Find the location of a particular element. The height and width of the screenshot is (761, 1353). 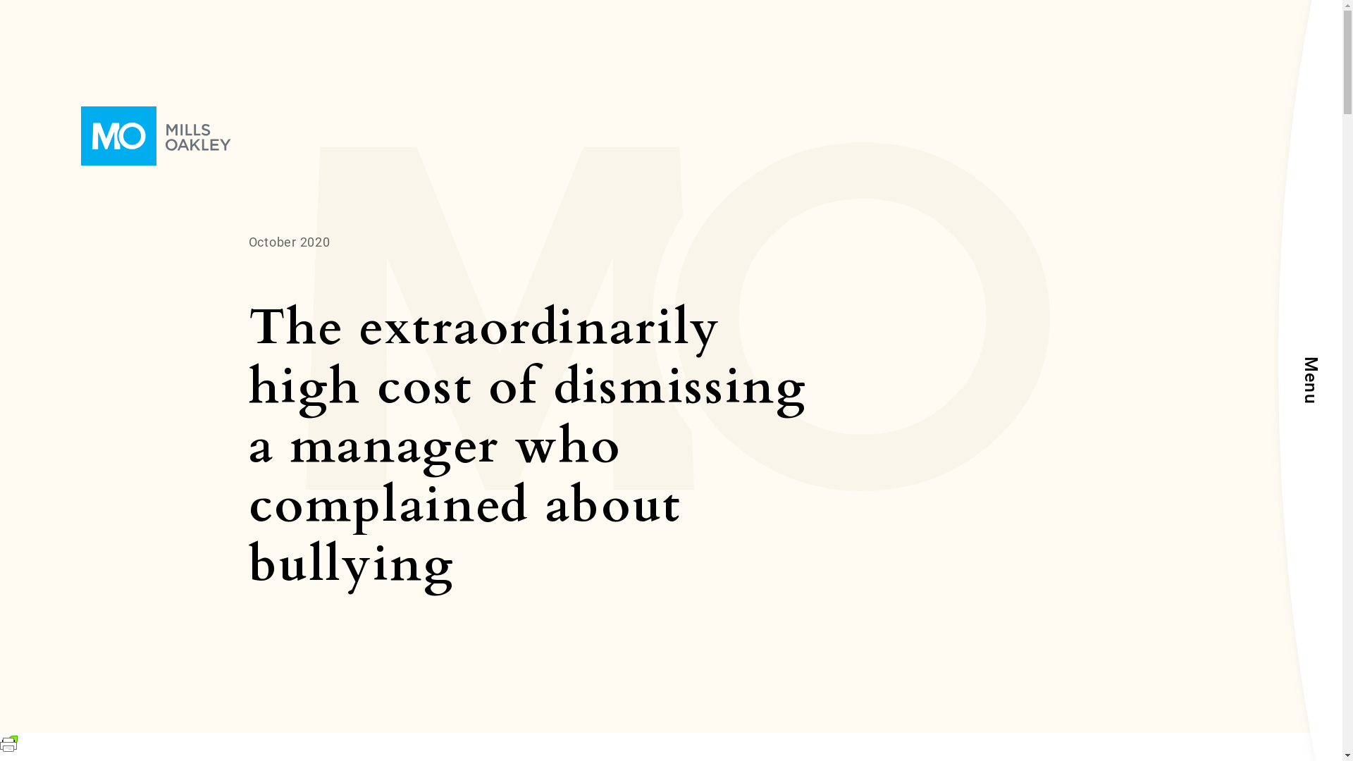

'Printer Friendly, PDF & Email' is located at coordinates (8, 746).